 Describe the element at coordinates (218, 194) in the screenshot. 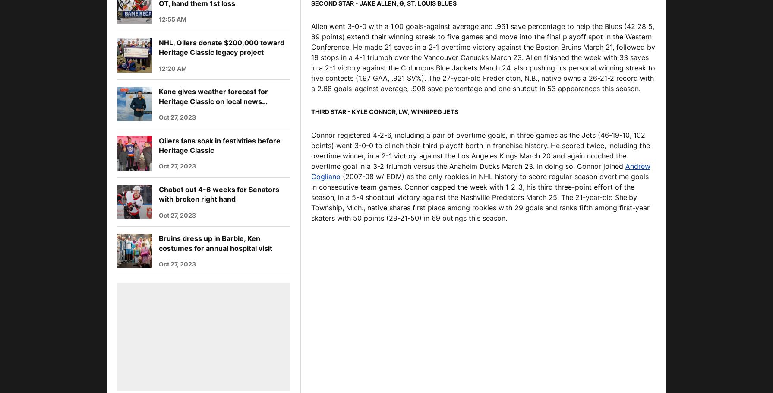

I see `'Chabot out 4-6 weeks for Senators with broken right hand'` at that location.